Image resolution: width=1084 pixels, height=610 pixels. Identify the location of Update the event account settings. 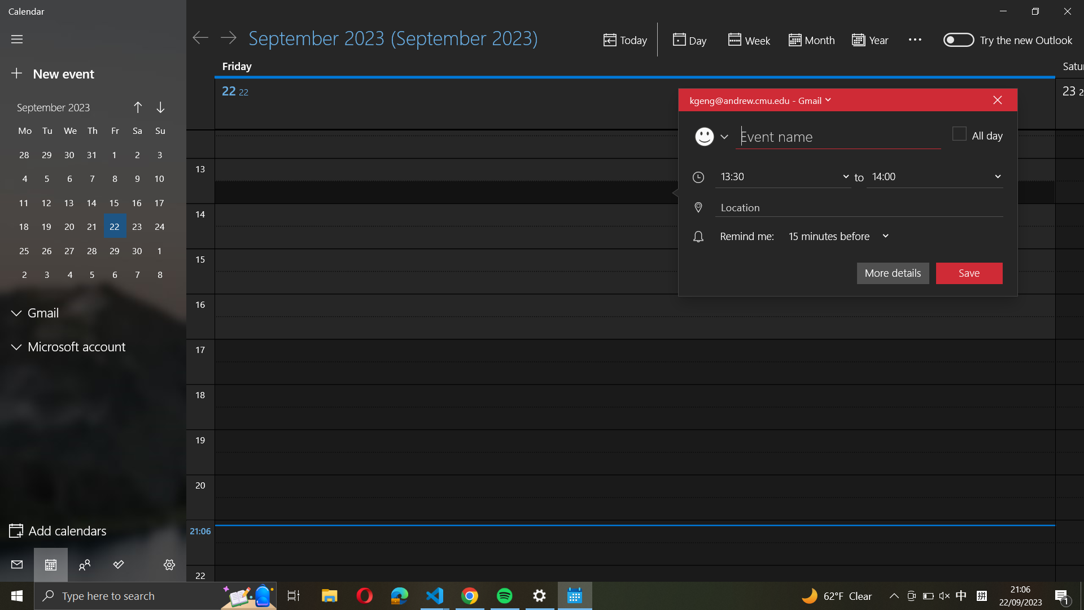
(759, 99).